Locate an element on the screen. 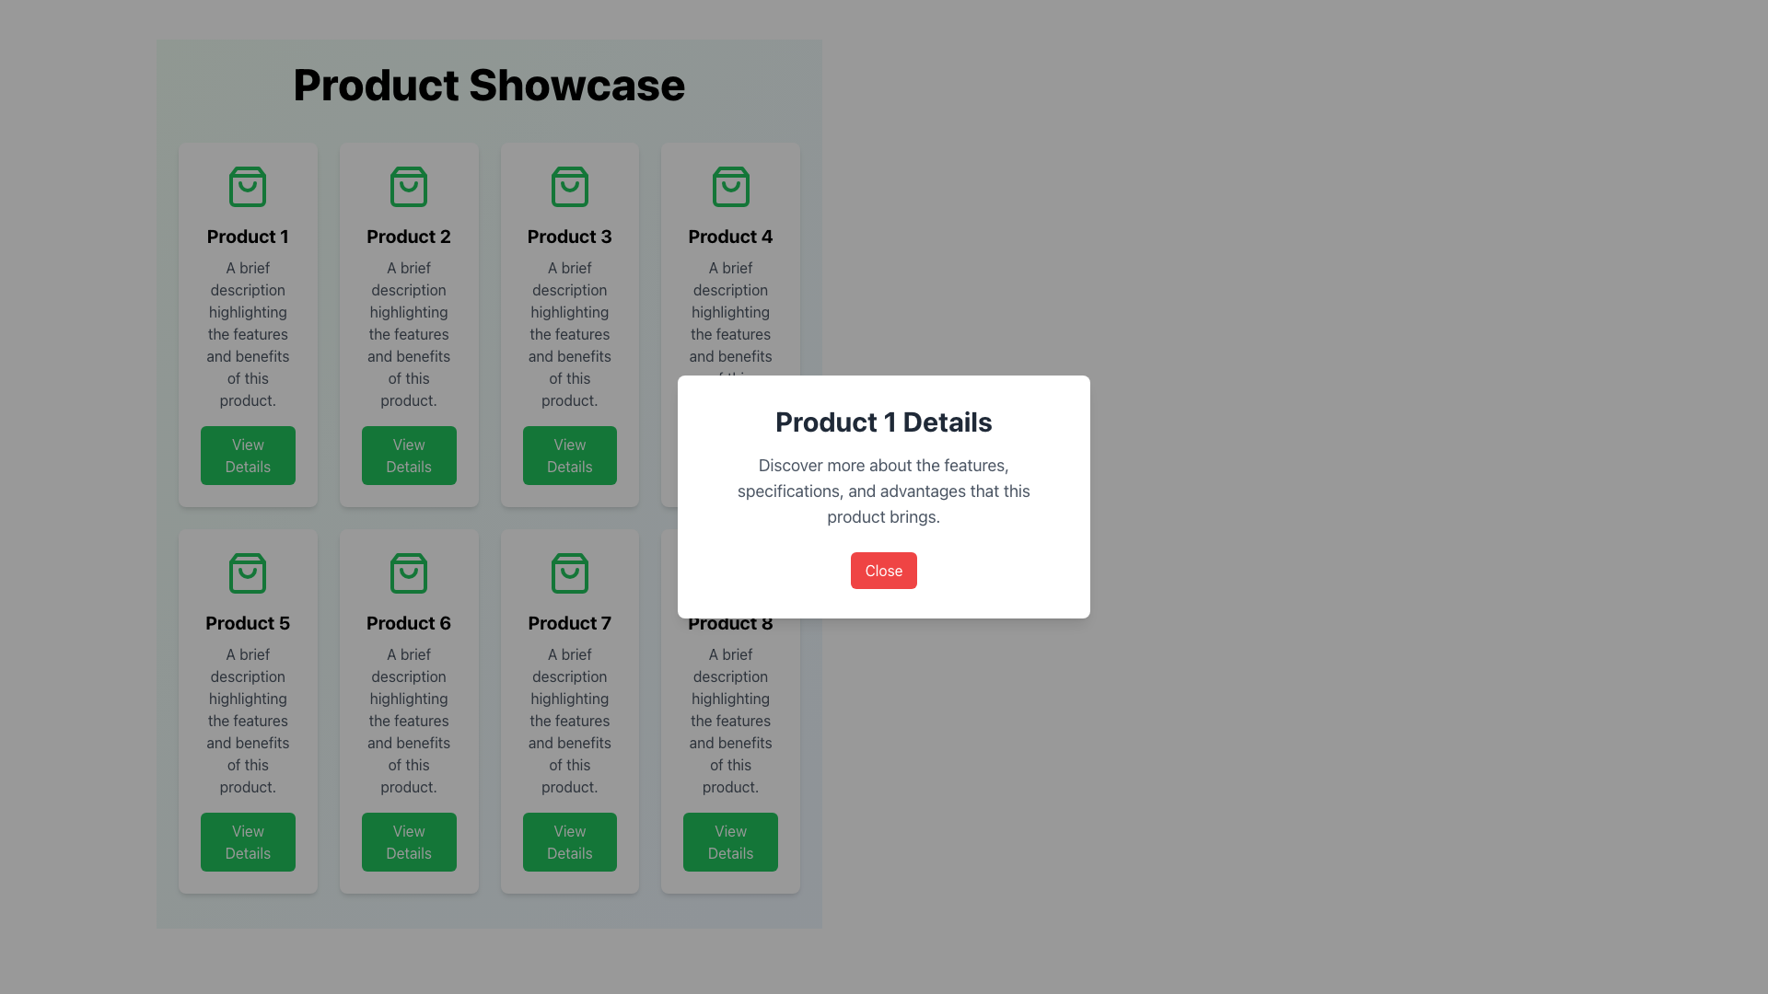 The height and width of the screenshot is (994, 1768). text details of the product features and benefits within the 'Product 5' card, which is centrally located below the title and above the 'View Details' button is located at coordinates (247, 720).